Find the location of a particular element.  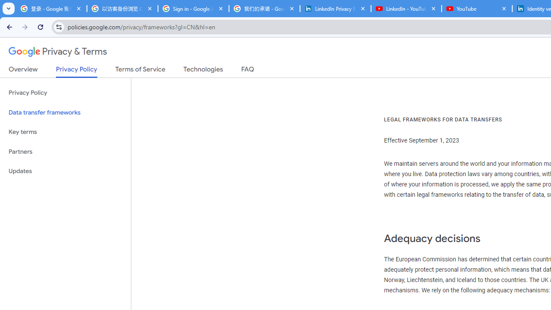

'Overview' is located at coordinates (23, 71).